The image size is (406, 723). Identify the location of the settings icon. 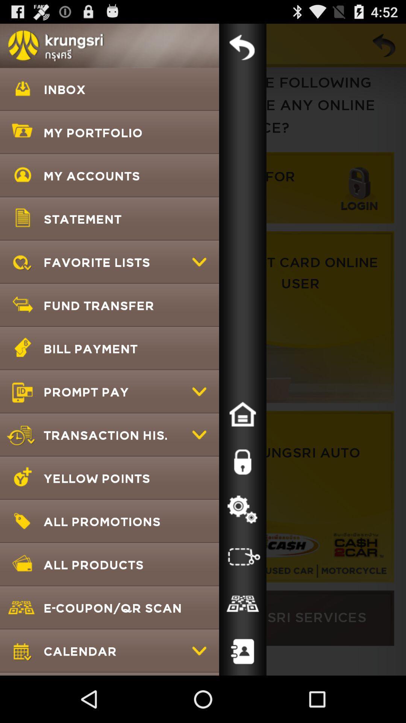
(242, 545).